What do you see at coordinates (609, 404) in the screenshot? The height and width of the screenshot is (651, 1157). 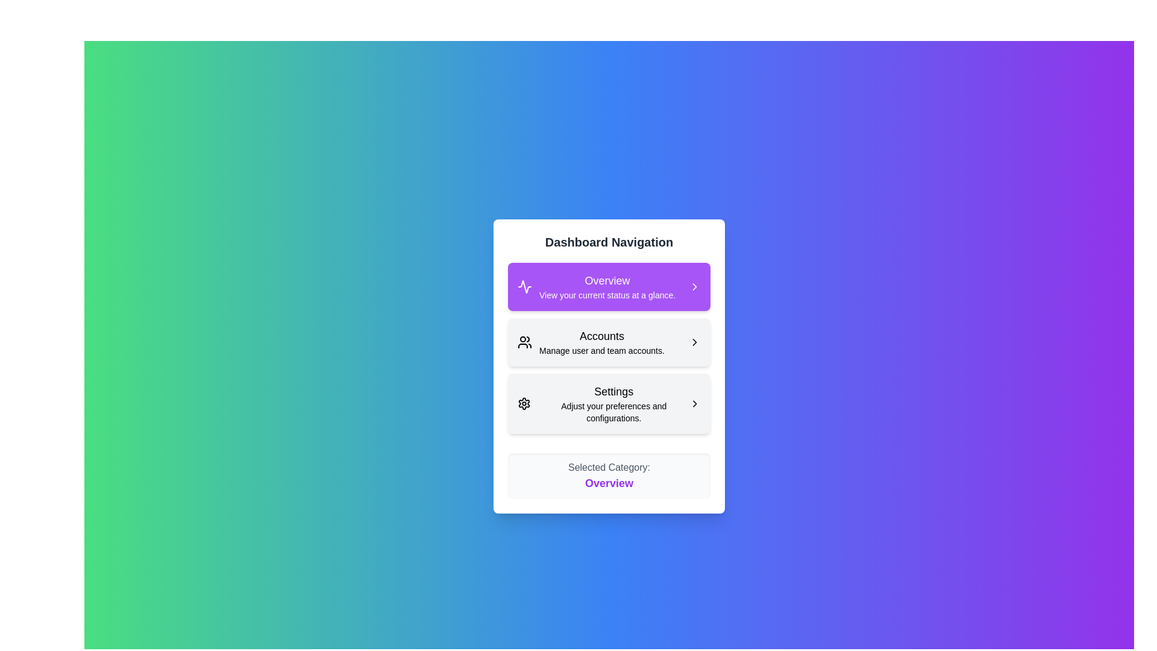 I see `the menu item corresponding to Settings` at bounding box center [609, 404].